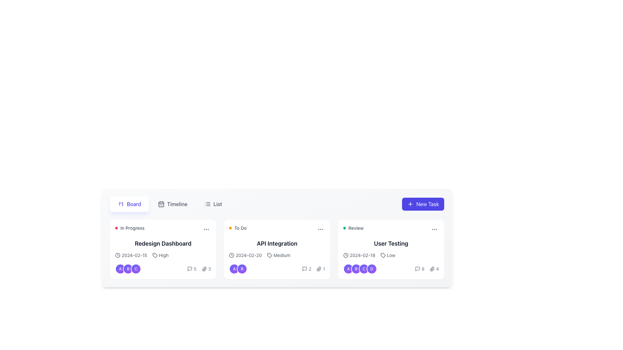 This screenshot has height=350, width=623. Describe the element at coordinates (434, 229) in the screenshot. I see `the Ellipsis menu icon located at the top right corner of the 'User Testing' card in the 'Review' column` at that location.